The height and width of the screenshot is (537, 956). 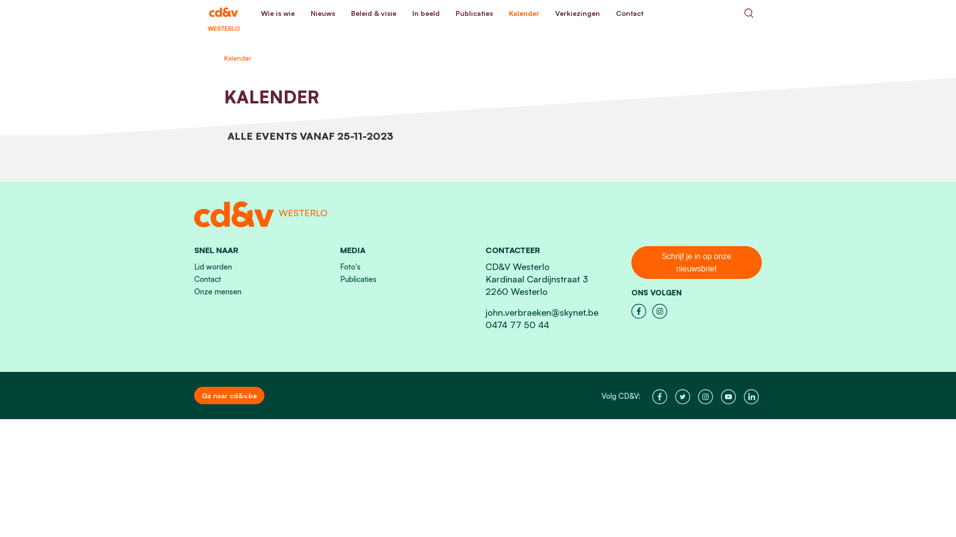 What do you see at coordinates (253, 13) in the screenshot?
I see `'Wie is wie'` at bounding box center [253, 13].